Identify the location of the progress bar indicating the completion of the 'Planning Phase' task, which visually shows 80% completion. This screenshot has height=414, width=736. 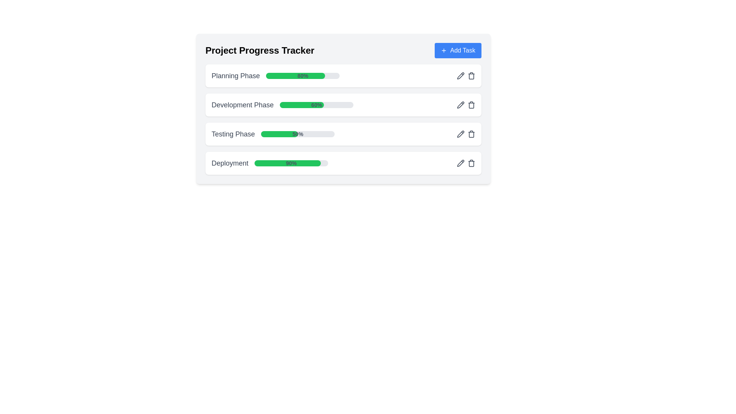
(295, 76).